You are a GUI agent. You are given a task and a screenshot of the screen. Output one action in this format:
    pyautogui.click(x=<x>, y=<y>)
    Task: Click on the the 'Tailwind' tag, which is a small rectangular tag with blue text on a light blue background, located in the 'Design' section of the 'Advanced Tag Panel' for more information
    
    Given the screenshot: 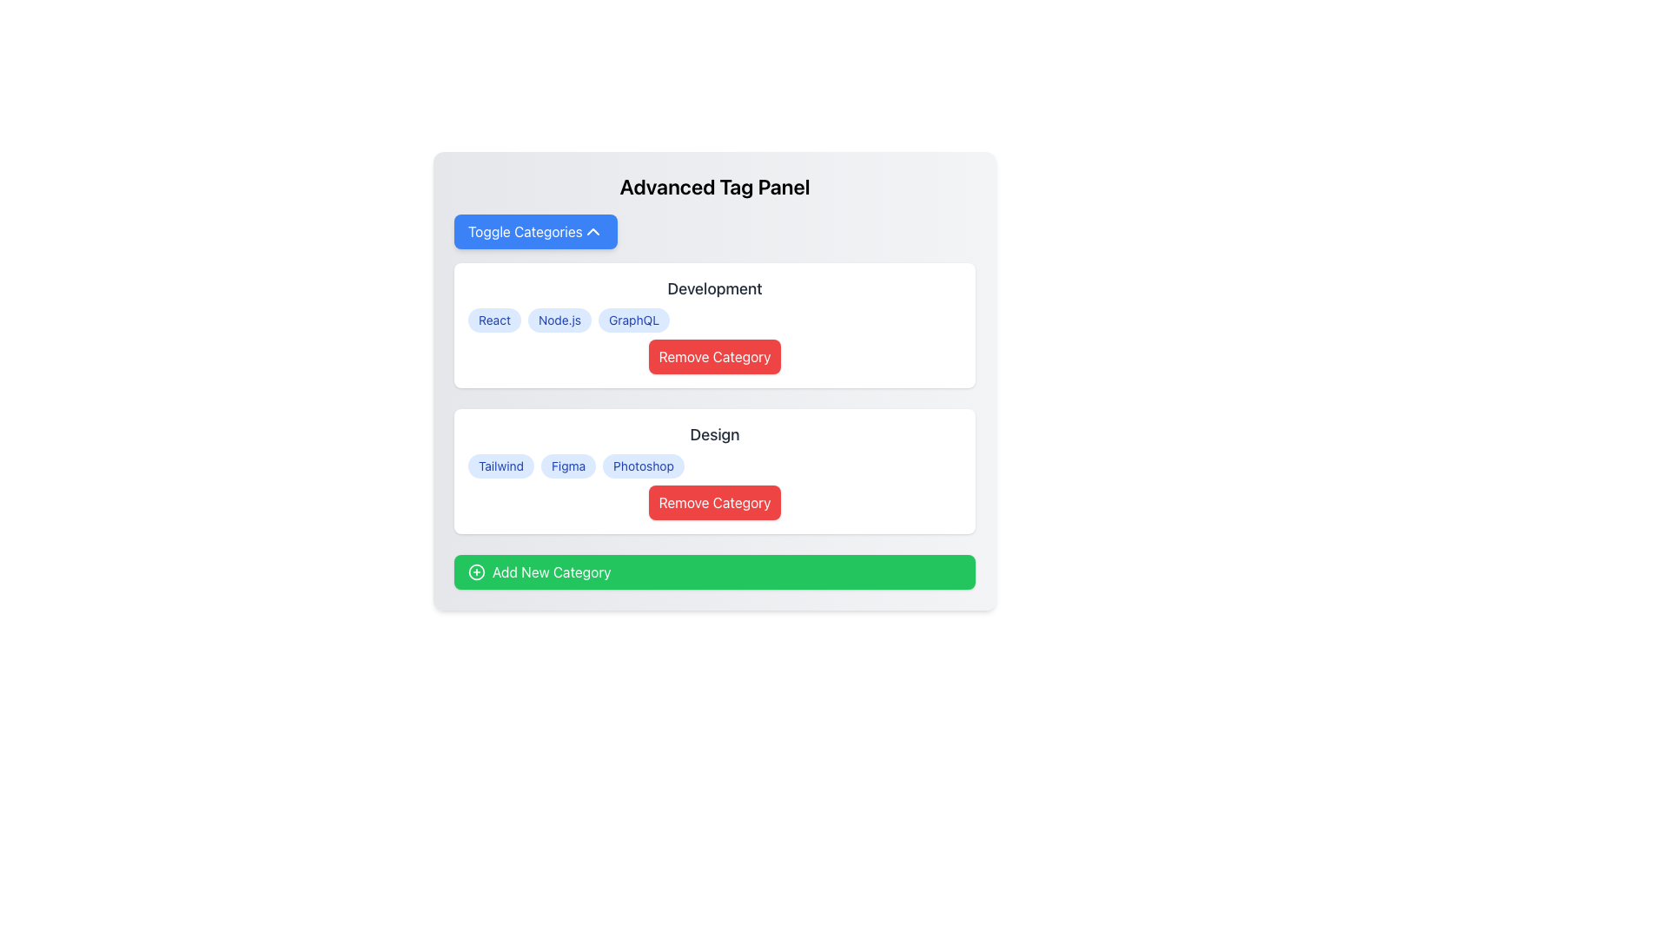 What is the action you would take?
    pyautogui.click(x=500, y=465)
    